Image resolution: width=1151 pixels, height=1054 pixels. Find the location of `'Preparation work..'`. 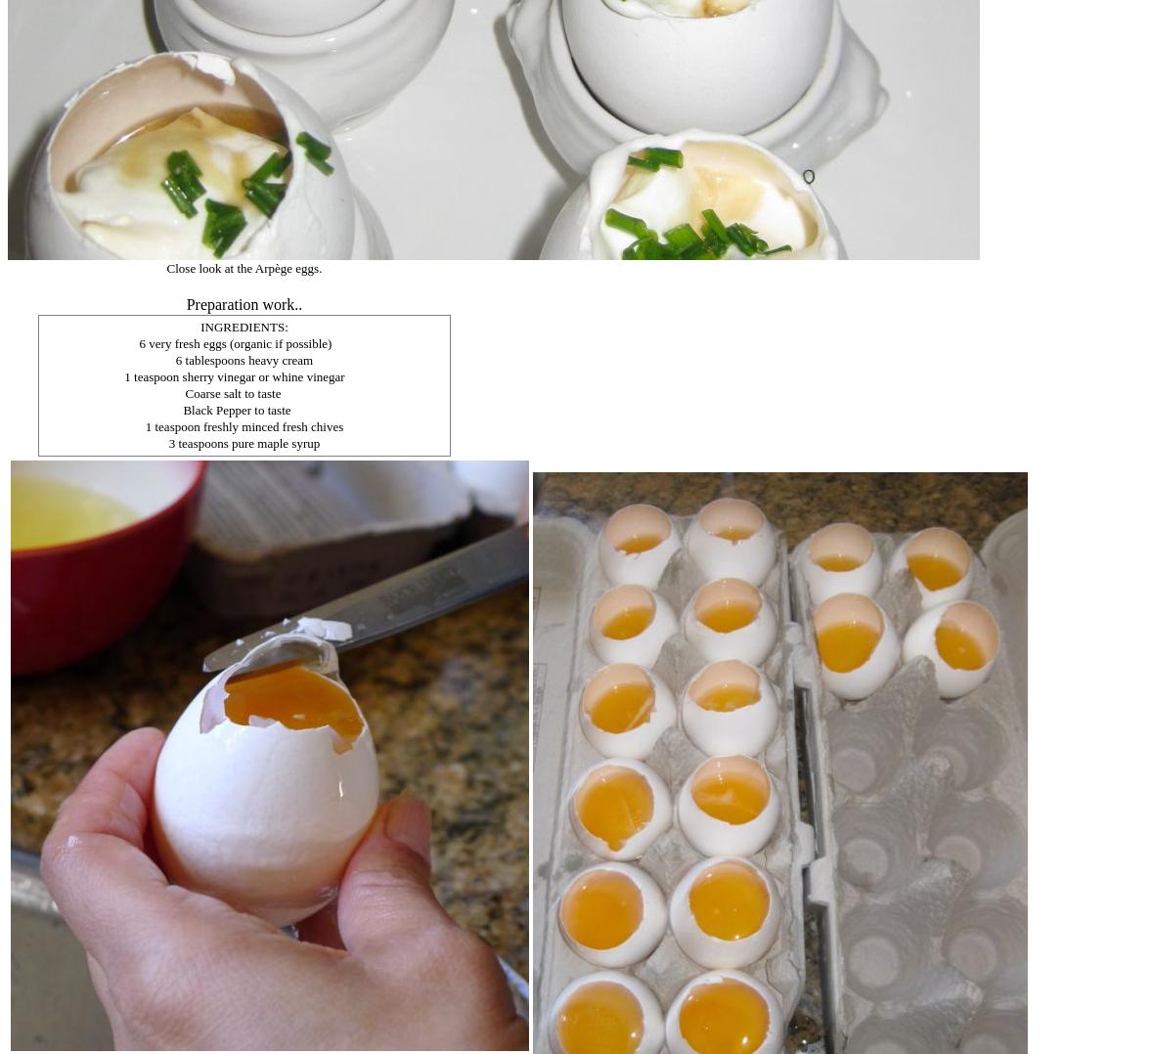

'Preparation work..' is located at coordinates (243, 303).